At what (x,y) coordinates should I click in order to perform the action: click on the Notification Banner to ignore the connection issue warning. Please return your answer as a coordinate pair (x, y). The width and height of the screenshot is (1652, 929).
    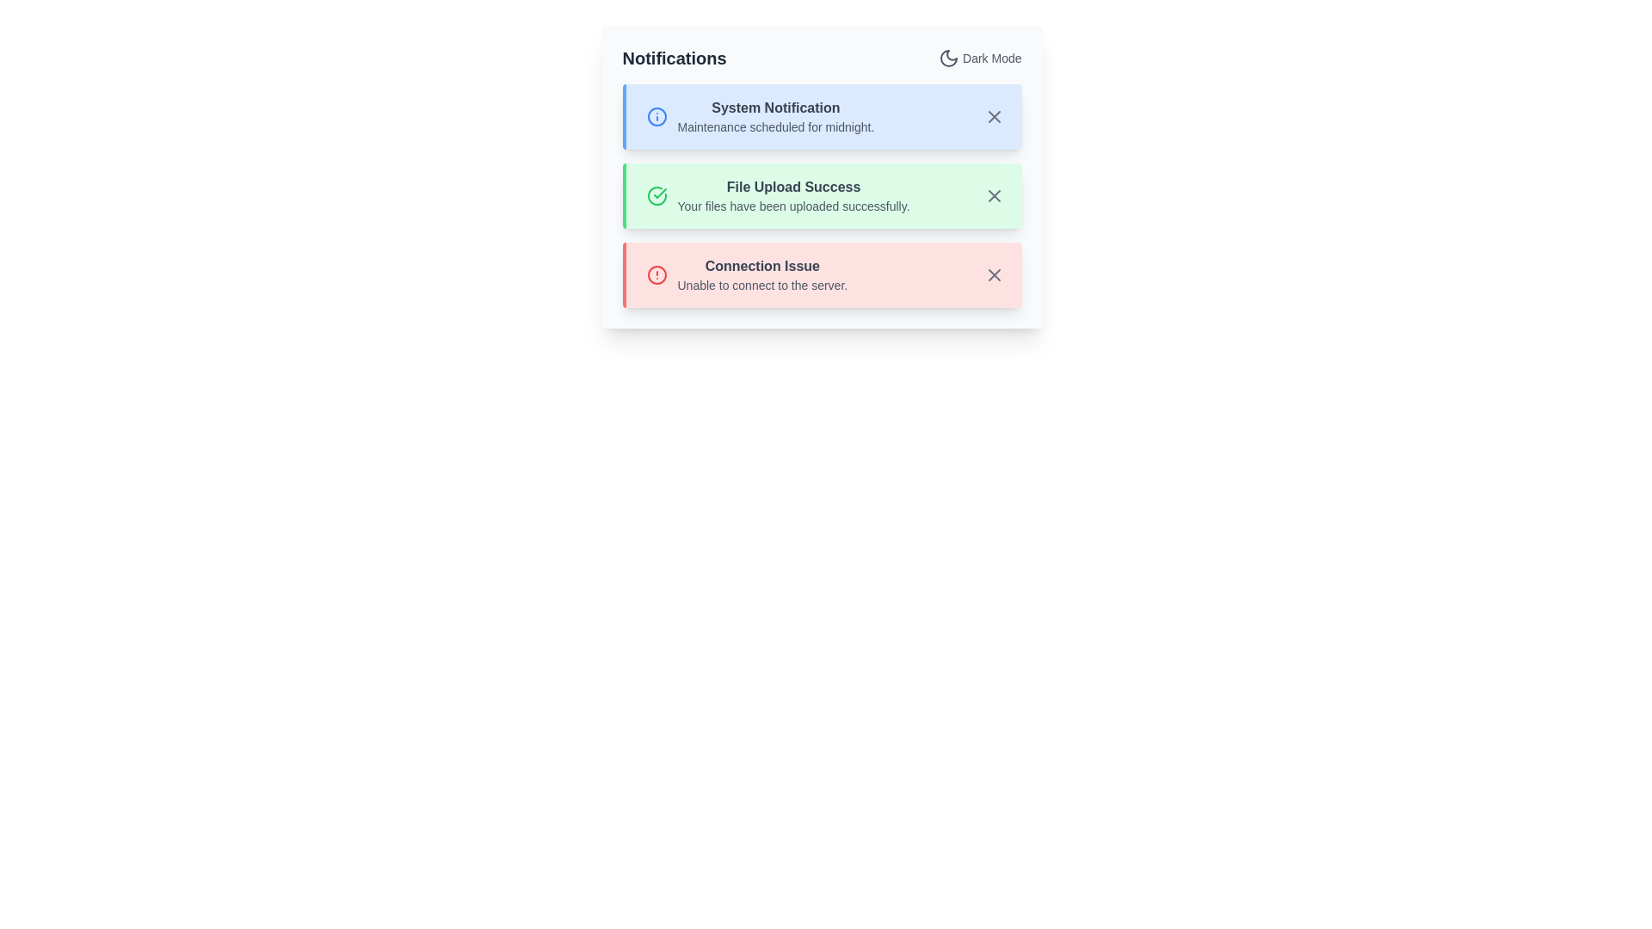
    Looking at the image, I should click on (821, 274).